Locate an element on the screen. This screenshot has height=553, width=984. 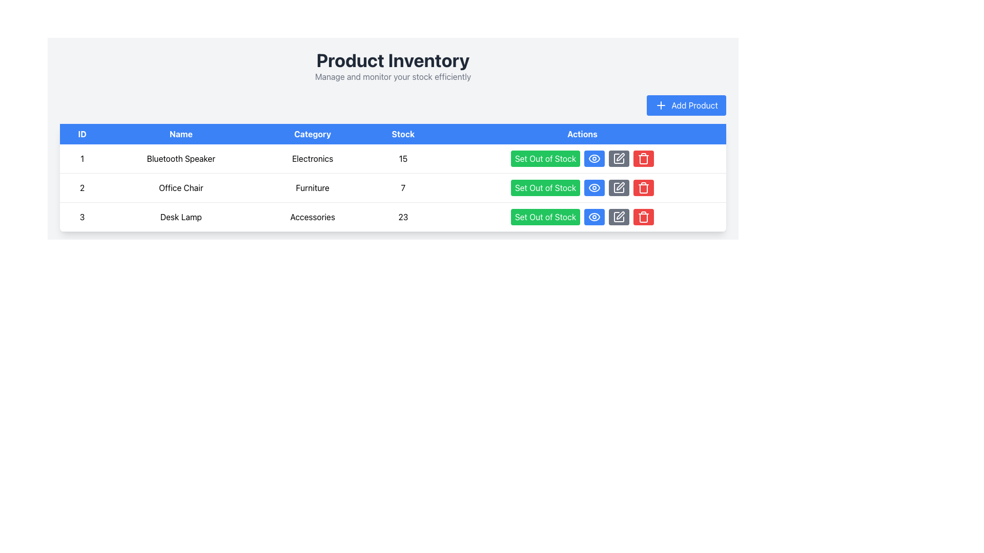
the text block displaying the number '1' in the first row of the product details table under the 'ID' header is located at coordinates (82, 159).